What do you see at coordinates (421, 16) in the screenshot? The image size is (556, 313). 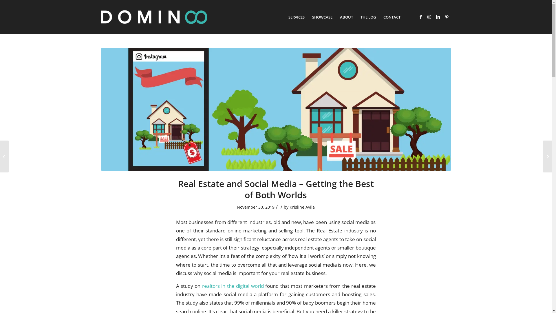 I see `'Facebook'` at bounding box center [421, 16].